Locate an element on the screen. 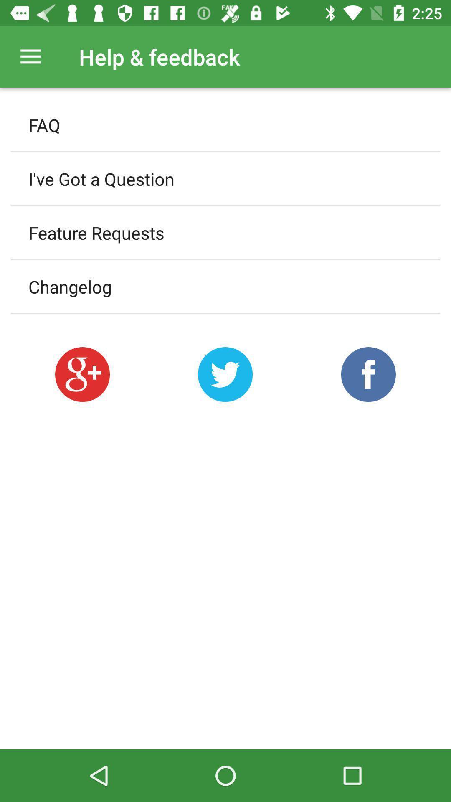 The width and height of the screenshot is (451, 802). open facebook is located at coordinates (368, 374).